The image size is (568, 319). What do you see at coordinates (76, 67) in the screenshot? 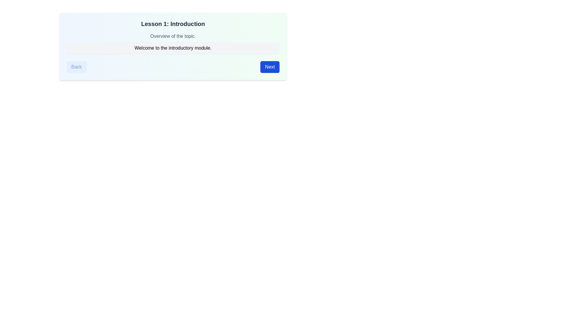
I see `the 'Back' button to navigate to the previous lesson` at bounding box center [76, 67].